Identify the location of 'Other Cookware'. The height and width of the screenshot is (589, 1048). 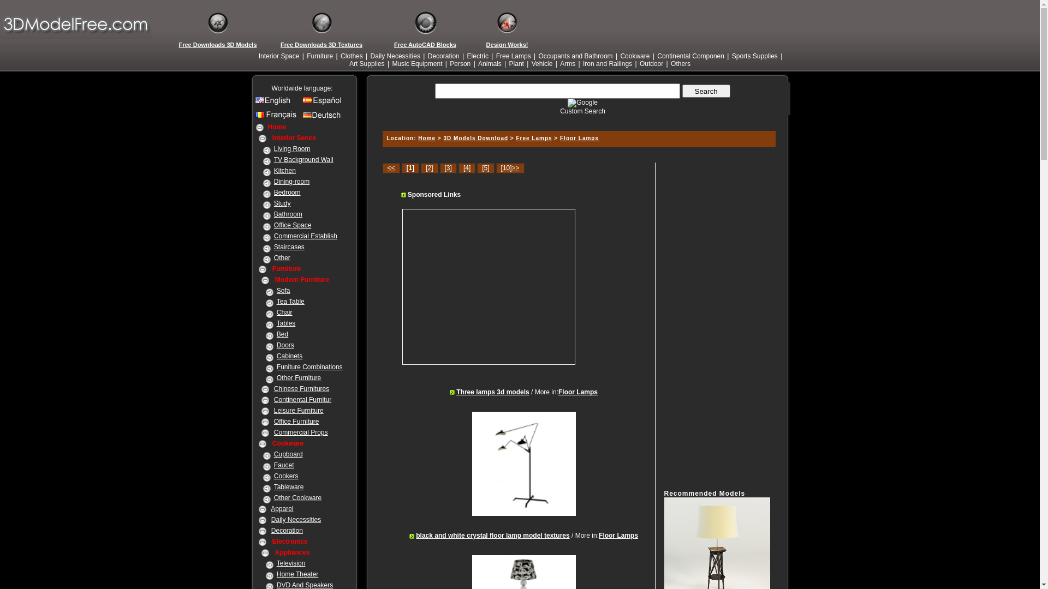
(297, 498).